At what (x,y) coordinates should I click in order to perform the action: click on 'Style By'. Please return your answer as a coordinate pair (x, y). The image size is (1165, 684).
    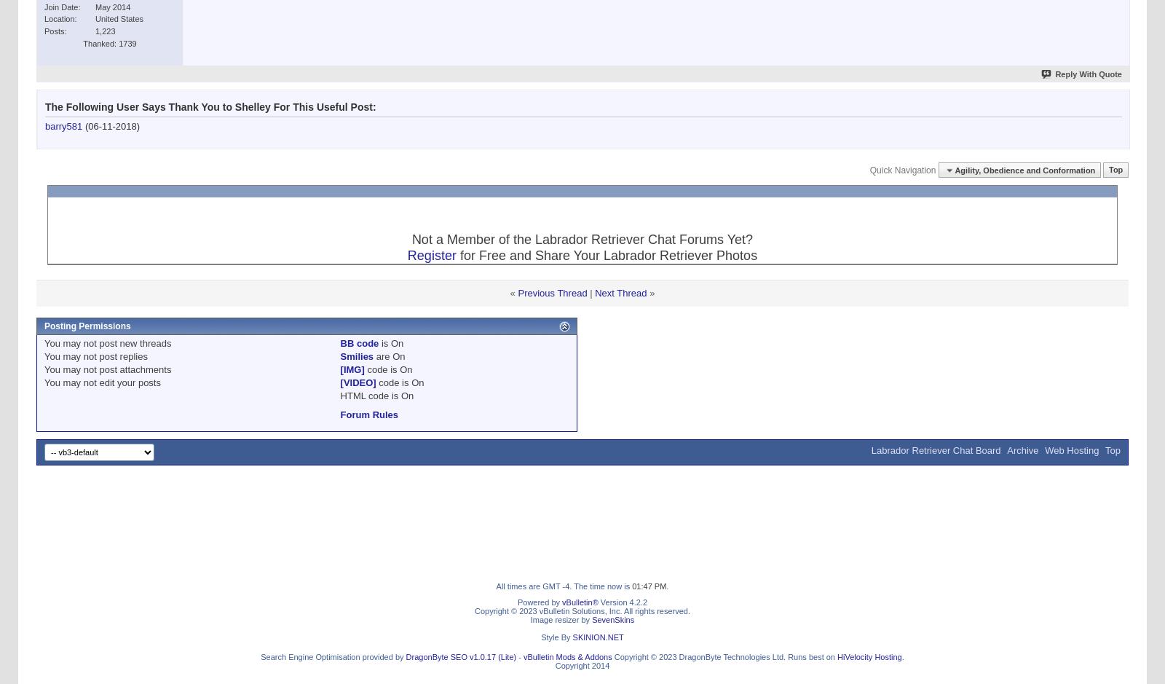
    Looking at the image, I should click on (541, 637).